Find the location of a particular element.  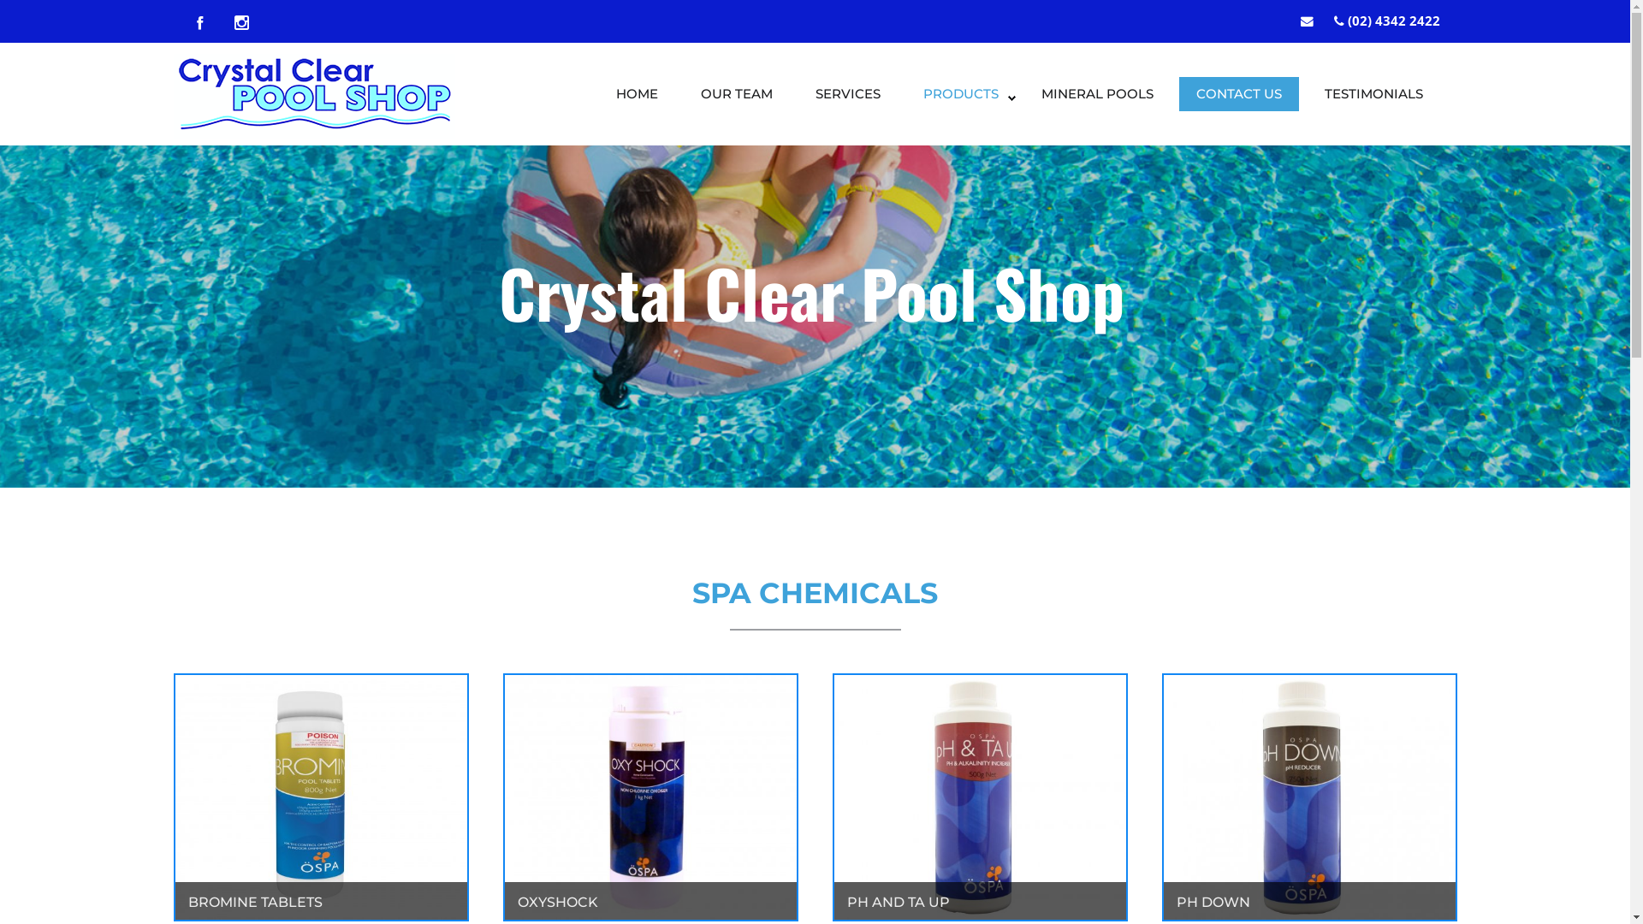

'MINERAL POOLS' is located at coordinates (1096, 93).